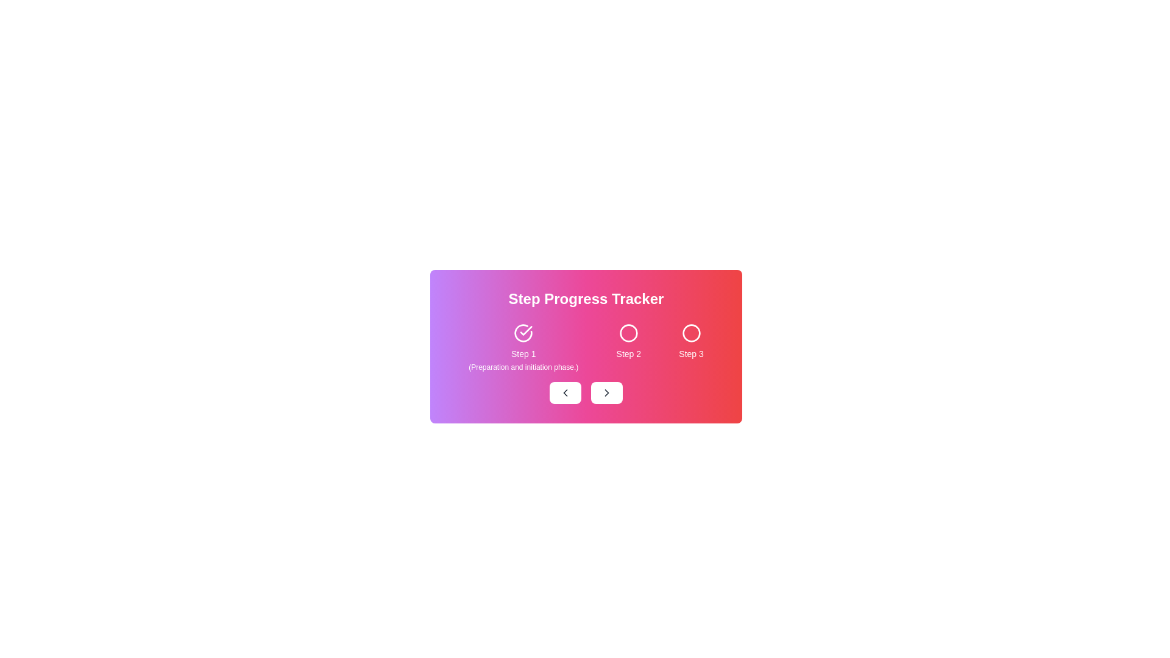  What do you see at coordinates (691, 347) in the screenshot?
I see `the third item in the horizontal step progress tracker, which represents 'Step 3'` at bounding box center [691, 347].